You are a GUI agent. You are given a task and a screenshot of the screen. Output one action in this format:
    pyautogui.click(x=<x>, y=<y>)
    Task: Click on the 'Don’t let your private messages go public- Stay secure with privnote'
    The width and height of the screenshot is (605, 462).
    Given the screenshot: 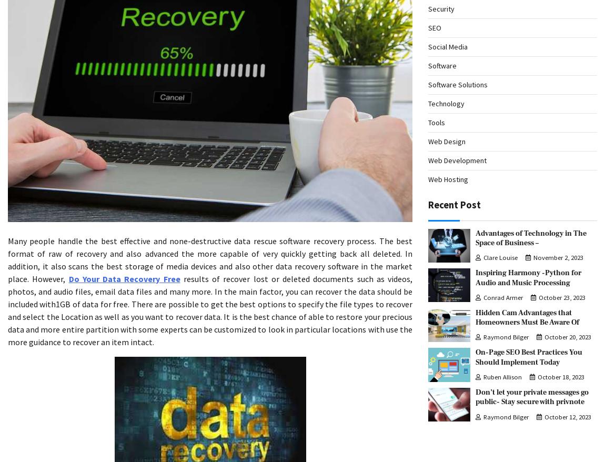 What is the action you would take?
    pyautogui.click(x=532, y=397)
    